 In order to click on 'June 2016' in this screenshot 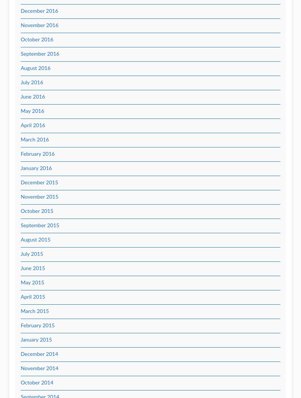, I will do `click(20, 97)`.